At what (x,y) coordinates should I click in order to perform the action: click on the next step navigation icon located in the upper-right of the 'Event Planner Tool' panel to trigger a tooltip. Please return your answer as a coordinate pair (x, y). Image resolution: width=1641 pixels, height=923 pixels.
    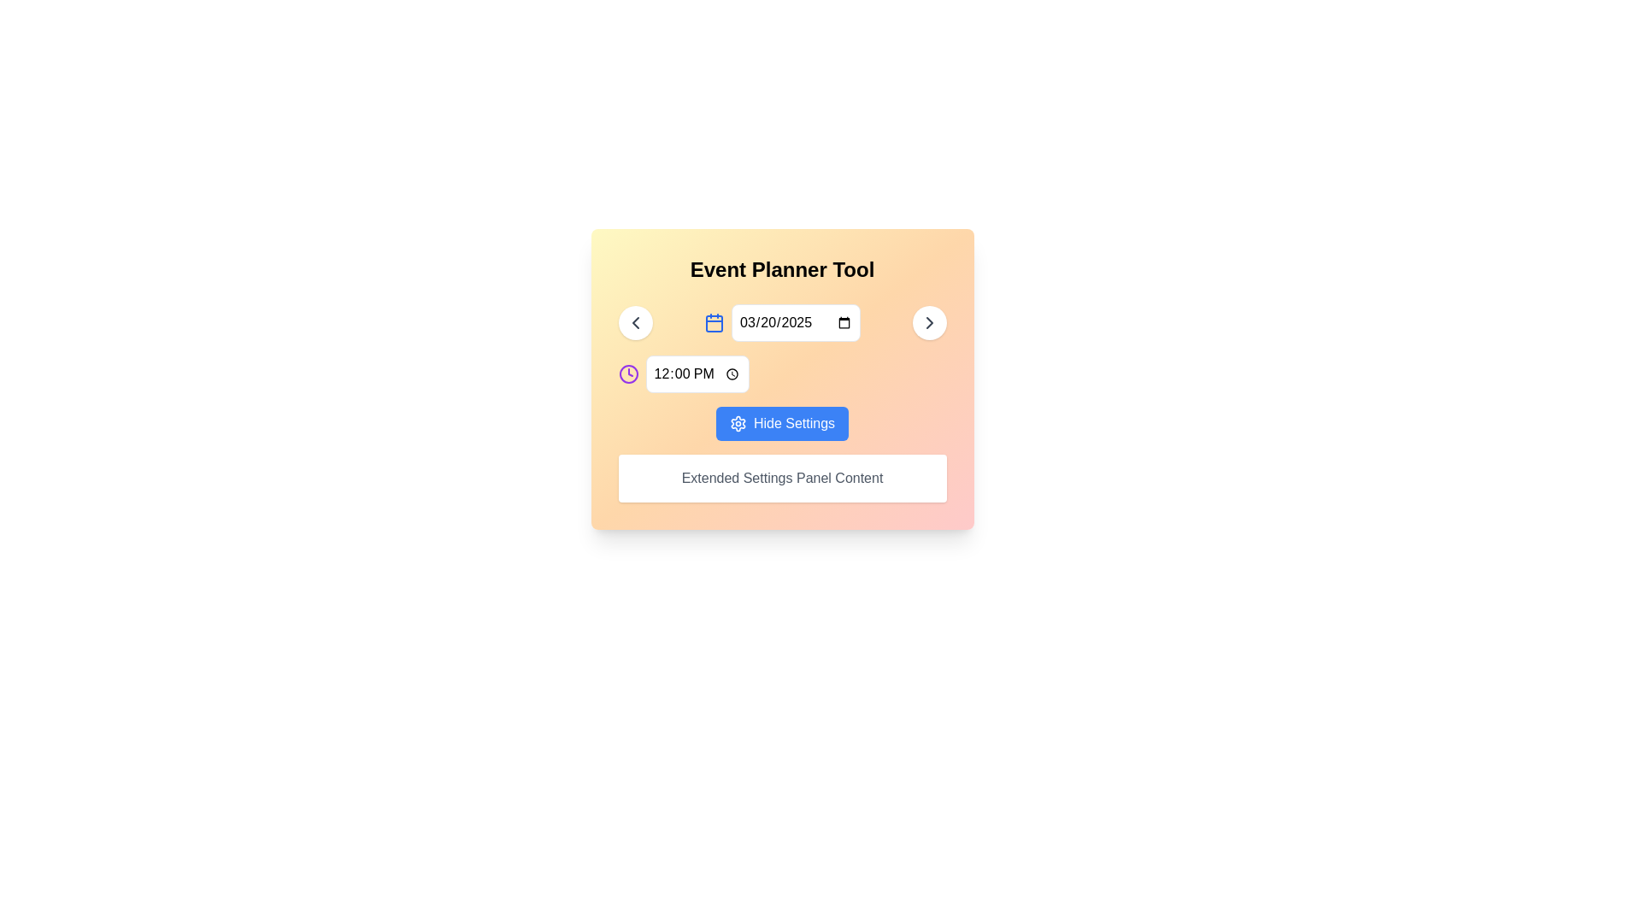
    Looking at the image, I should click on (928, 323).